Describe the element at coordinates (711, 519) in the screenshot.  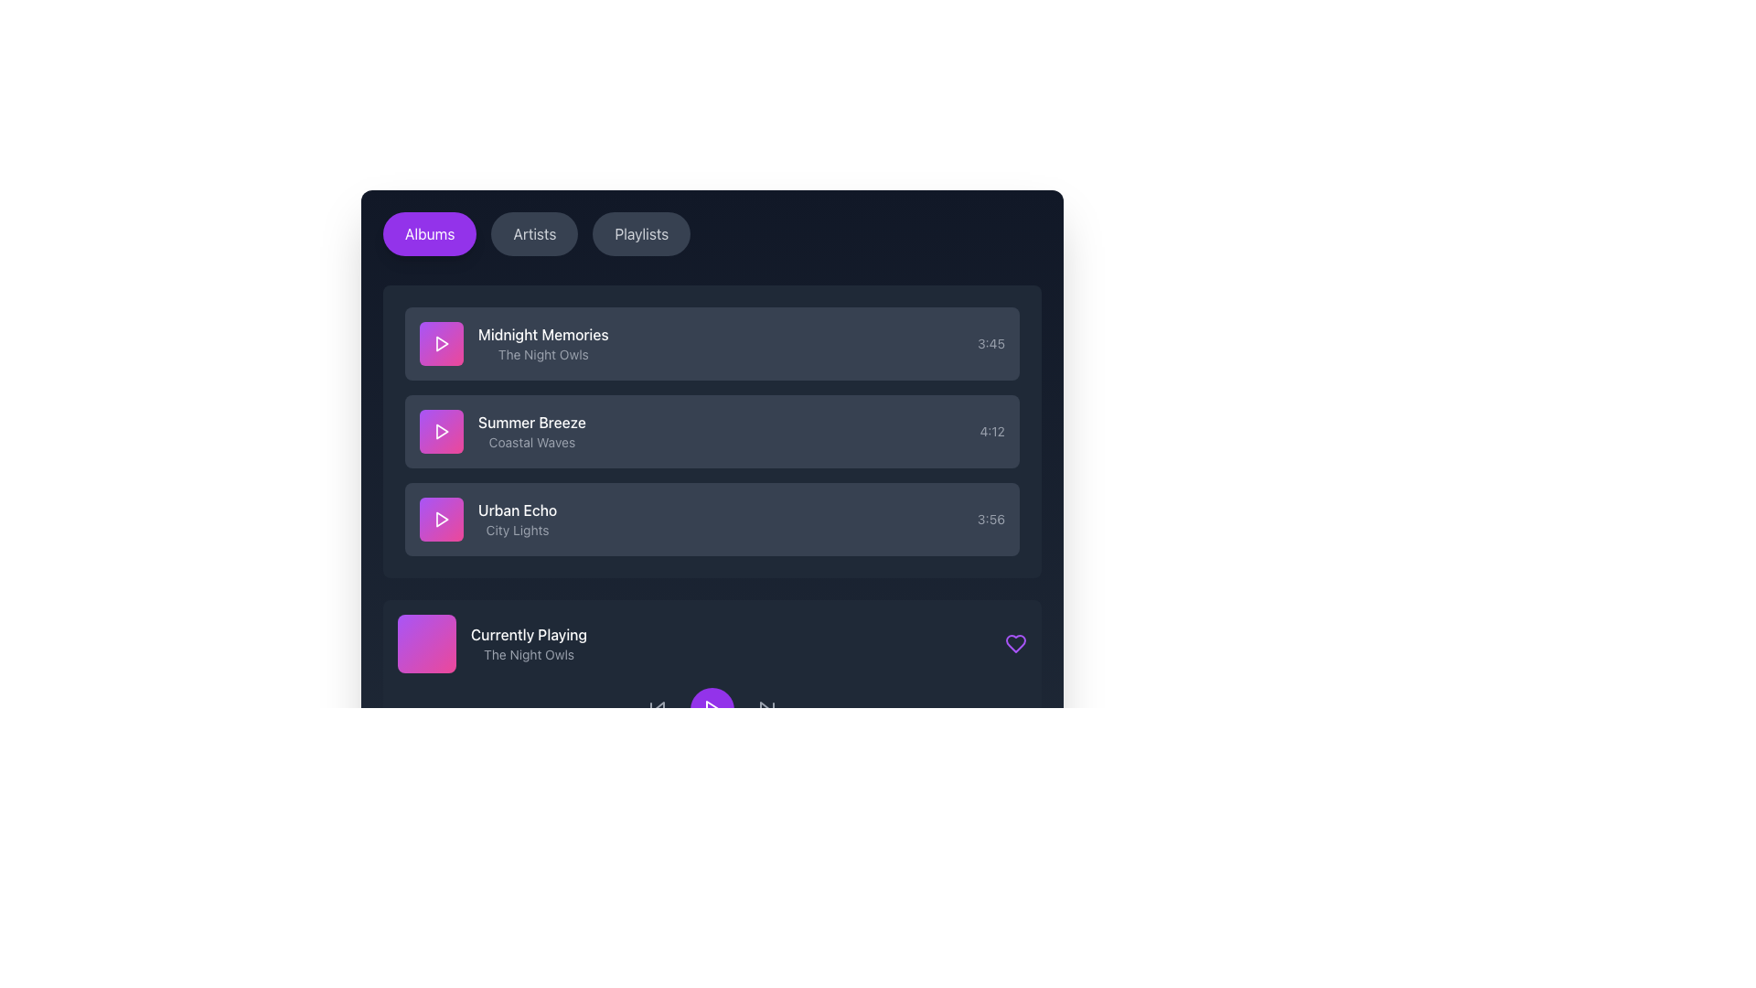
I see `the third list item under the 'Albums' section` at that location.